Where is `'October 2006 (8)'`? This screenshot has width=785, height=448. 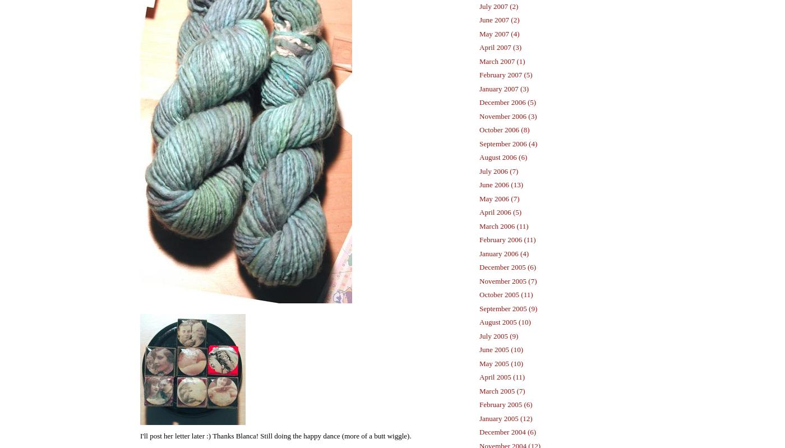
'October 2006 (8)' is located at coordinates (504, 129).